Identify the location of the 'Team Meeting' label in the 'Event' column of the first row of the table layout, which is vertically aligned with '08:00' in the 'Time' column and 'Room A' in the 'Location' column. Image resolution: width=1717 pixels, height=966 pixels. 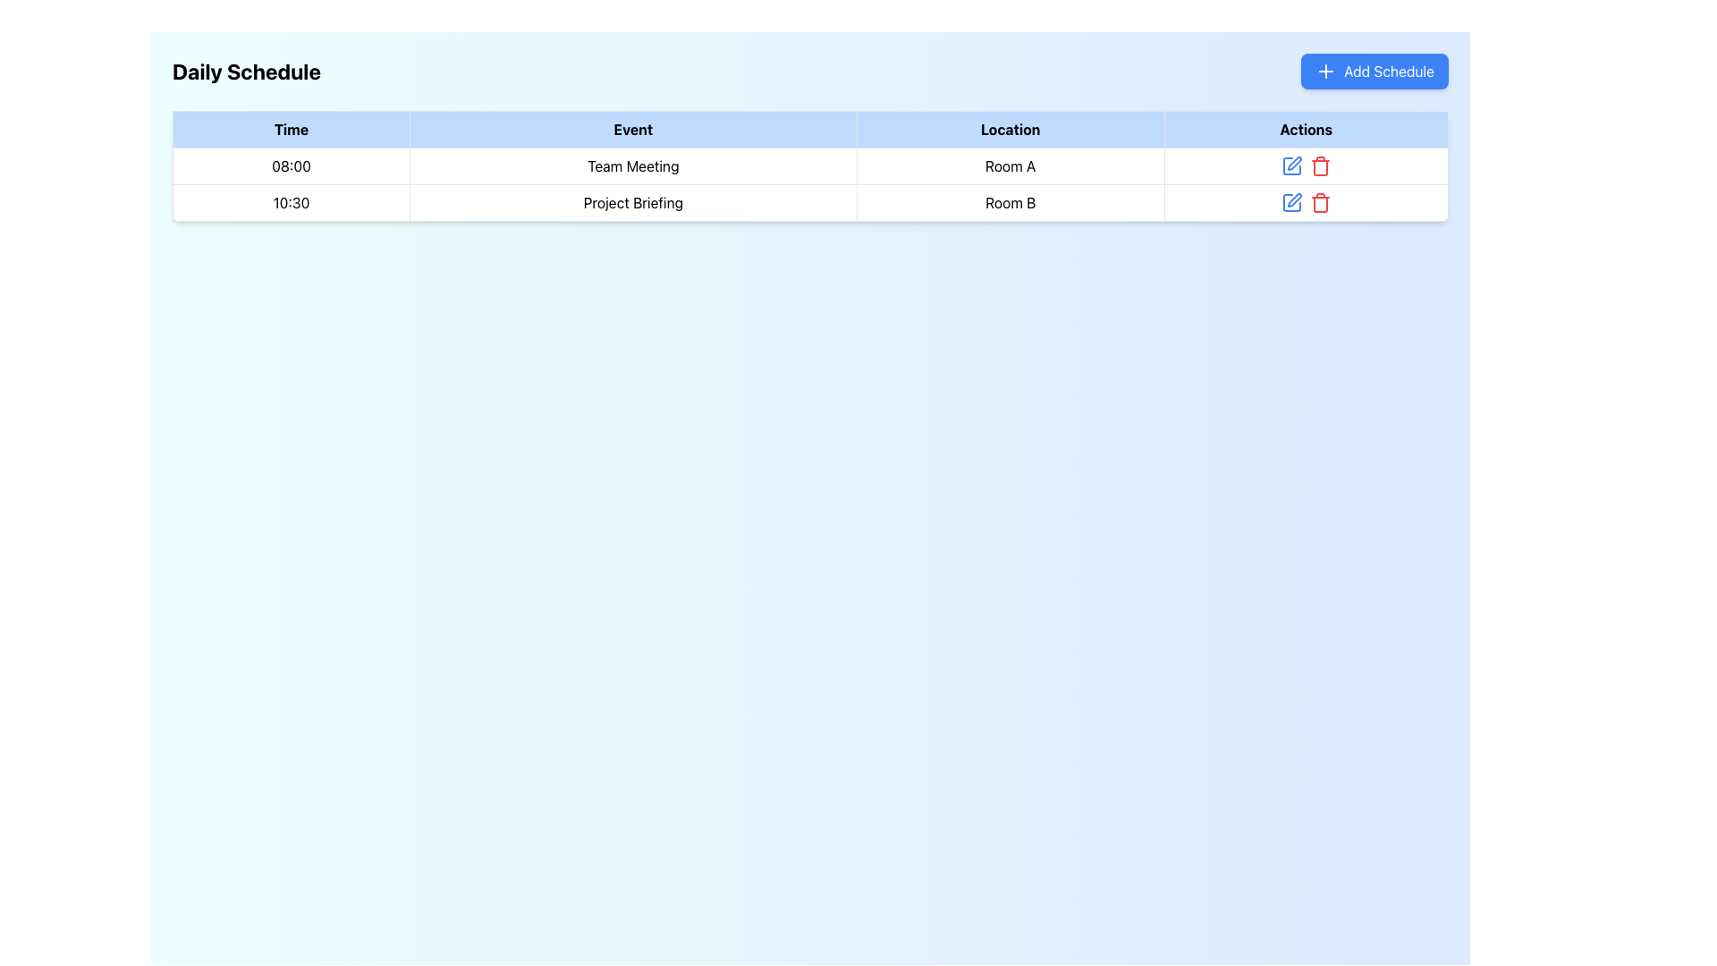
(633, 165).